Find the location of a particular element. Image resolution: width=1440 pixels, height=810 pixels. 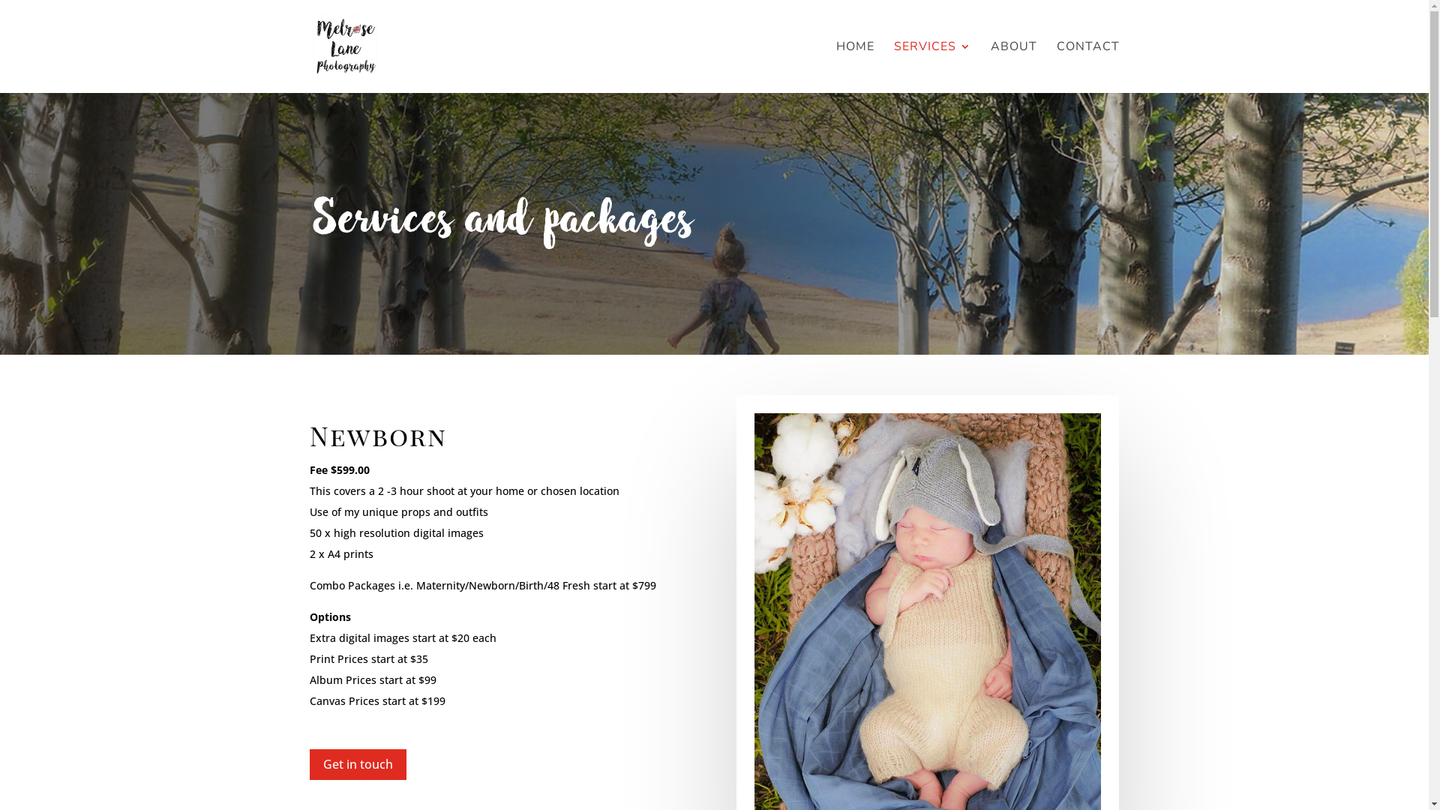

'HOME' is located at coordinates (854, 66).